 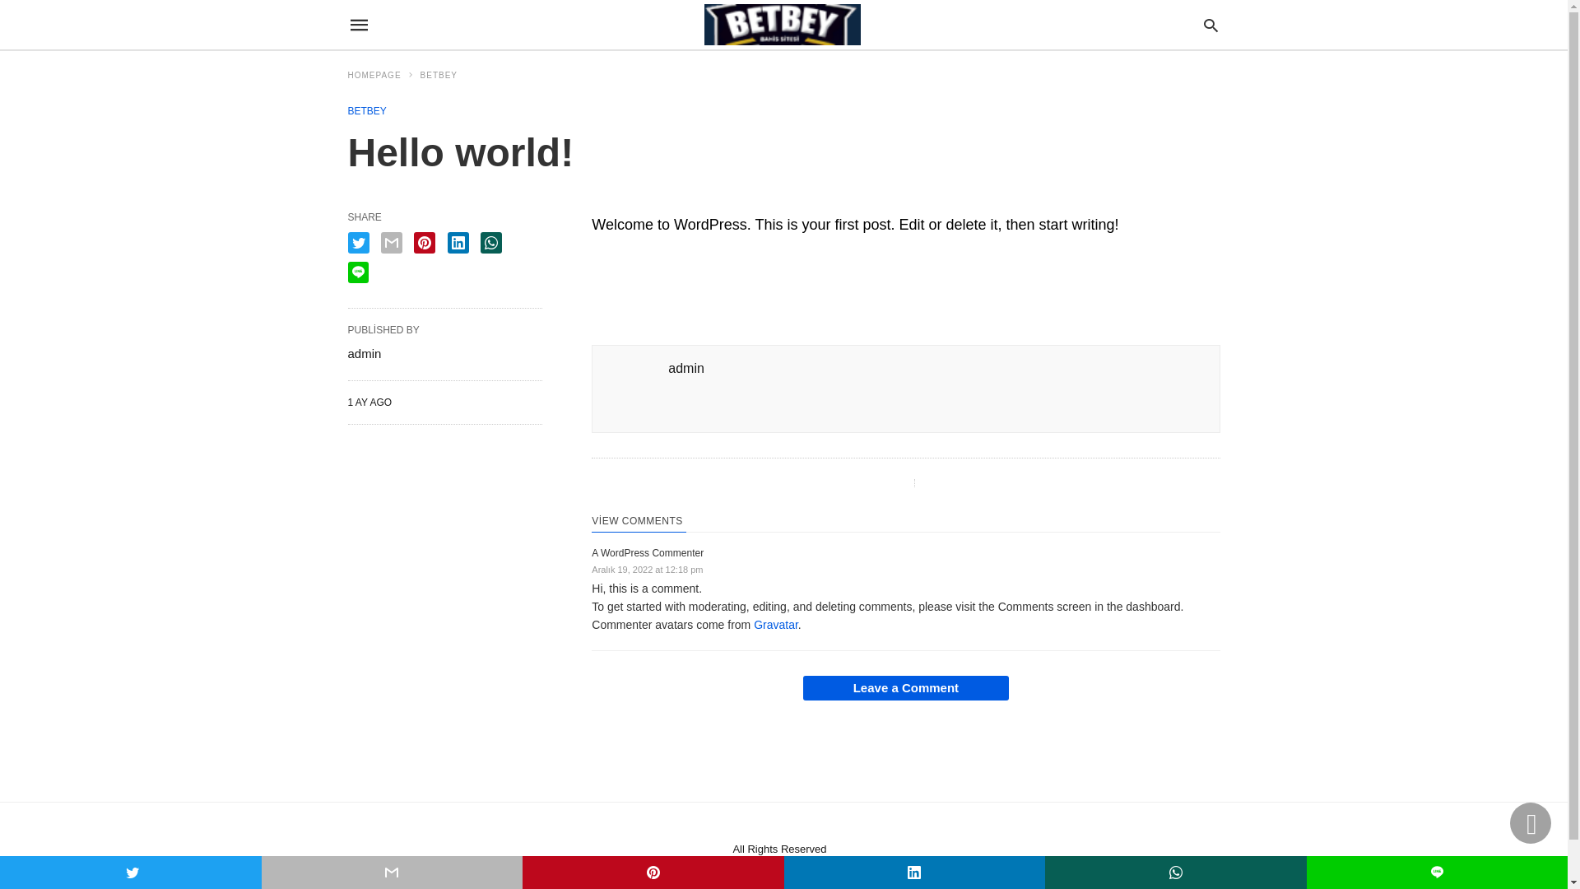 I want to click on 'Gravatar', so click(x=774, y=625).